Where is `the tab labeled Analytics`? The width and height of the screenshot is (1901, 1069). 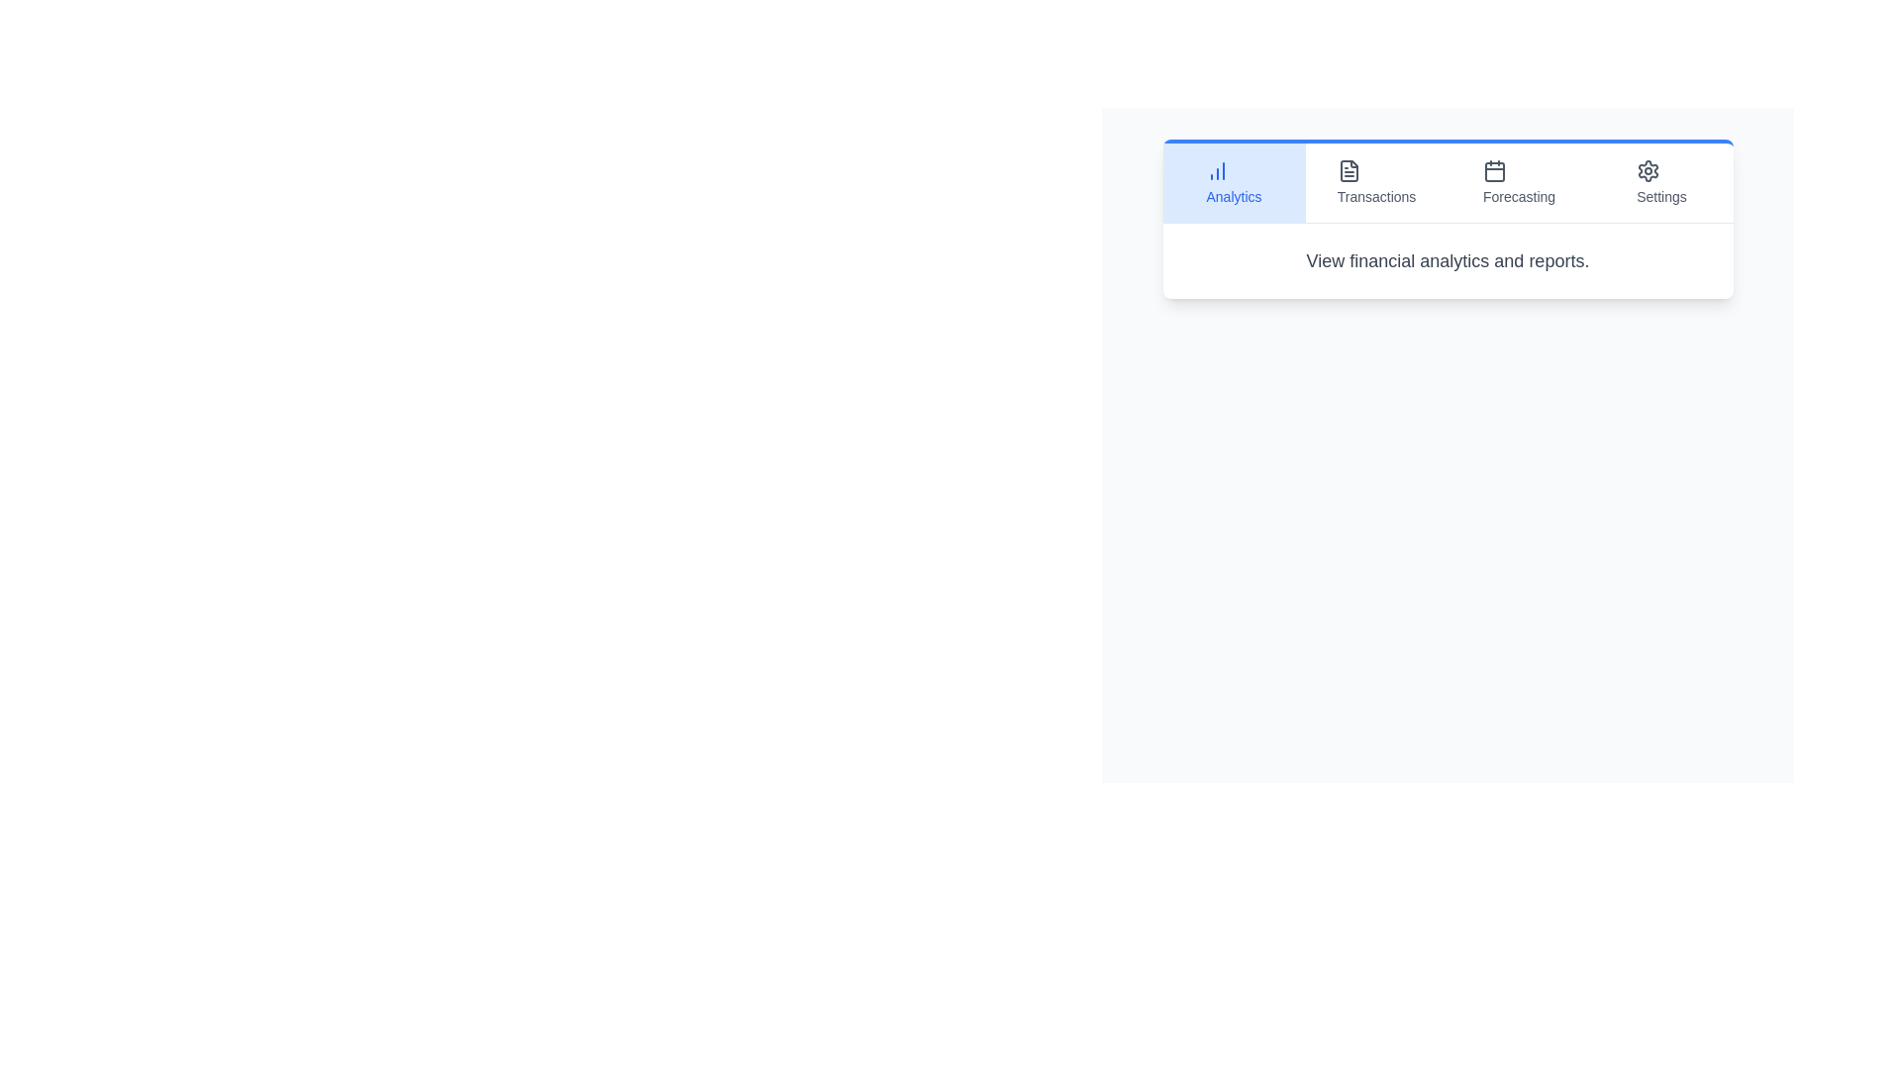 the tab labeled Analytics is located at coordinates (1233, 183).